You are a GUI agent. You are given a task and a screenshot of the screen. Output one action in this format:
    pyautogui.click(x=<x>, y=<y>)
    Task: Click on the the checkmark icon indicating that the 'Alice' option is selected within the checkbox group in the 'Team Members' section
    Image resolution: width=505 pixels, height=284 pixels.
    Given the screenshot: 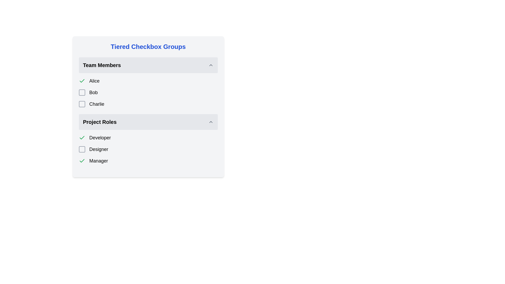 What is the action you would take?
    pyautogui.click(x=82, y=137)
    